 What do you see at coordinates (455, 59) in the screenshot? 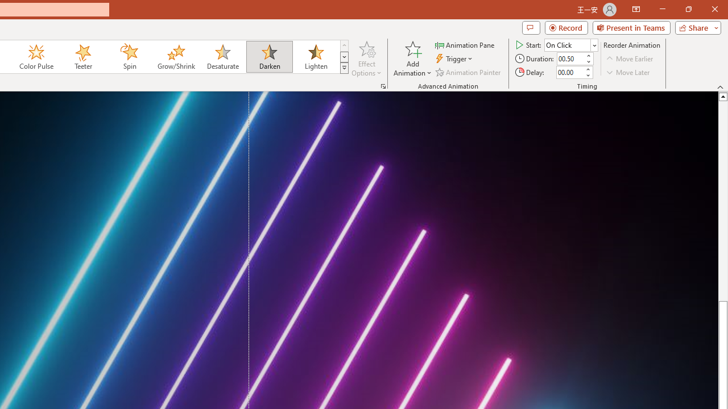
I see `'Trigger'` at bounding box center [455, 59].